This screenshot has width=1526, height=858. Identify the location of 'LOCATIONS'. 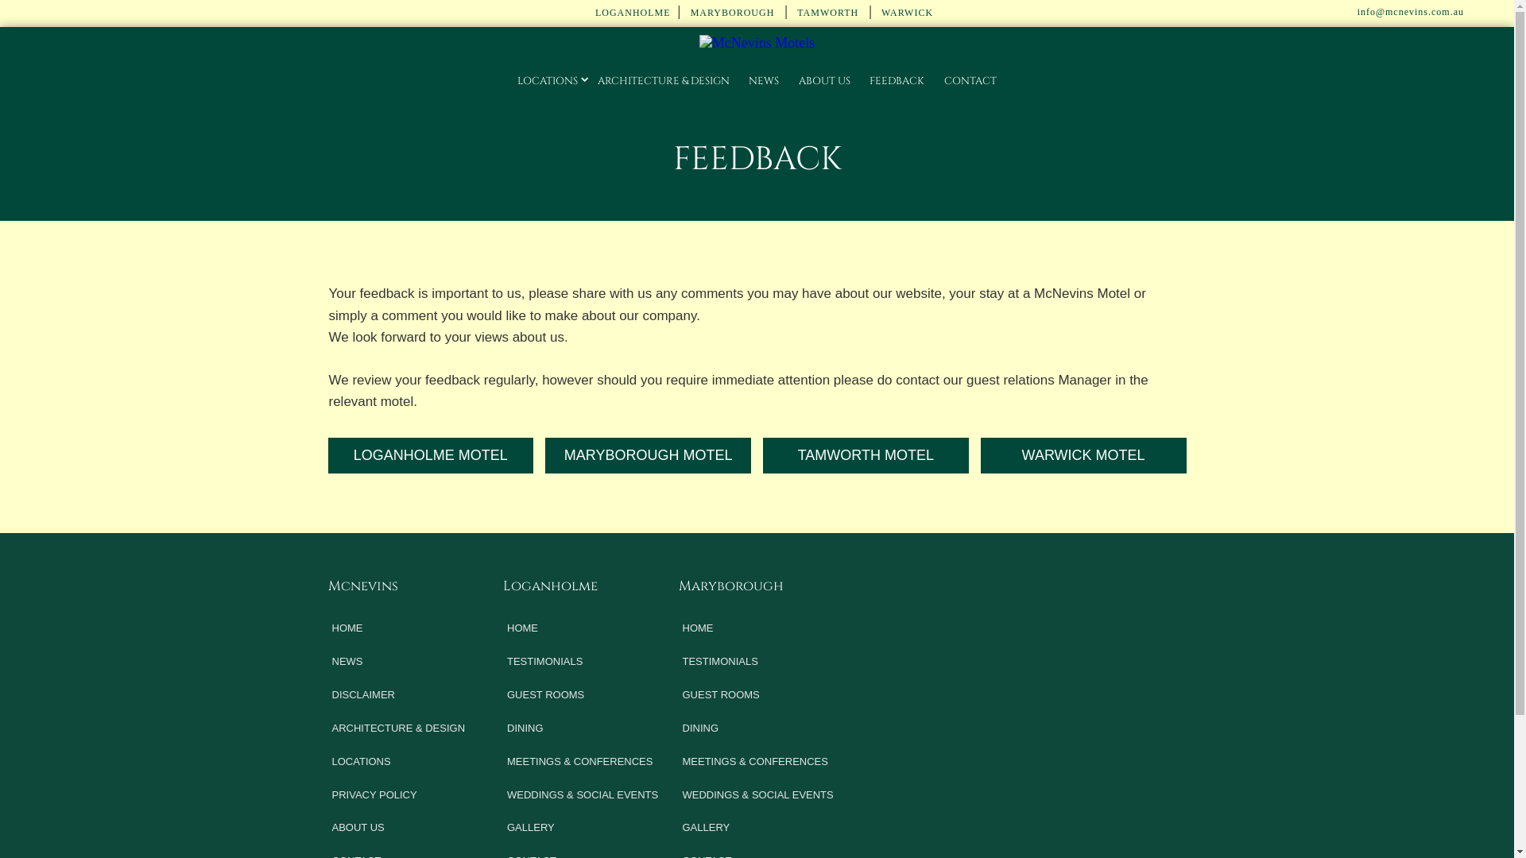
(548, 80).